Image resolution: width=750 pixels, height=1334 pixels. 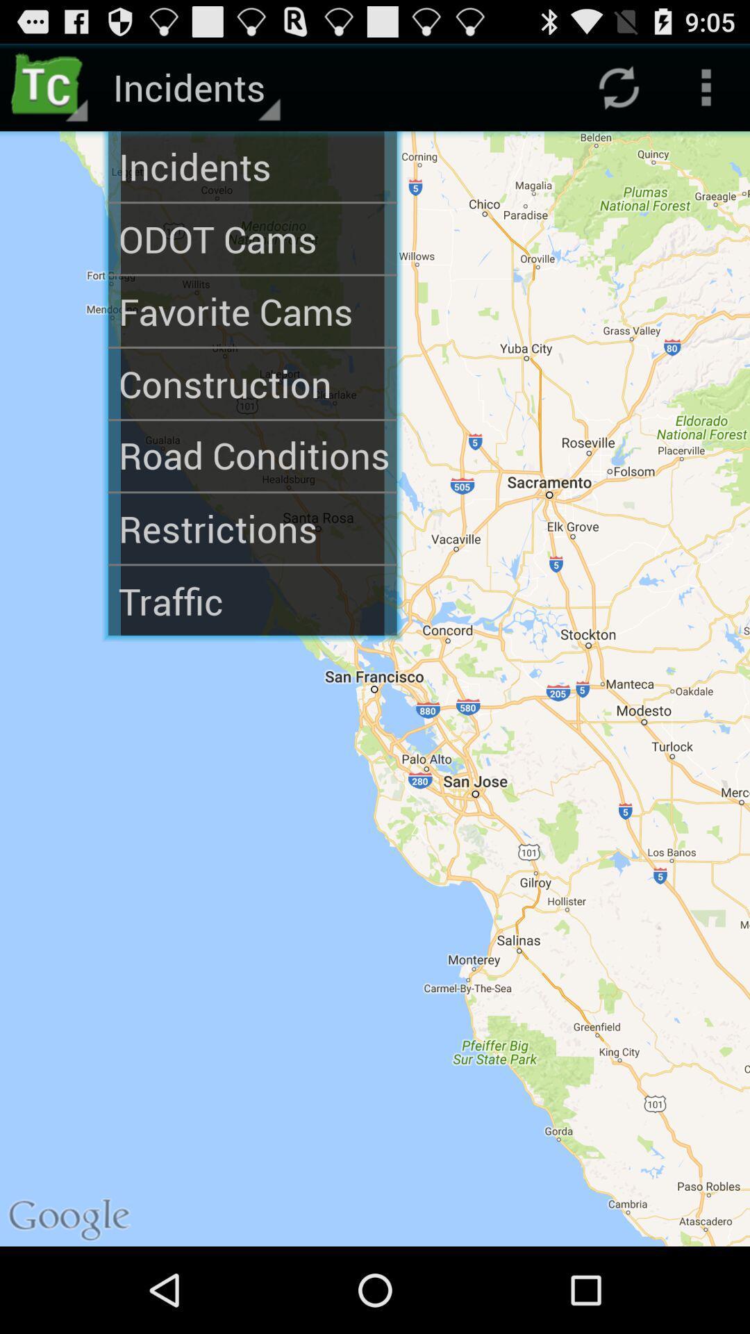 I want to click on road conditions icon, so click(x=252, y=456).